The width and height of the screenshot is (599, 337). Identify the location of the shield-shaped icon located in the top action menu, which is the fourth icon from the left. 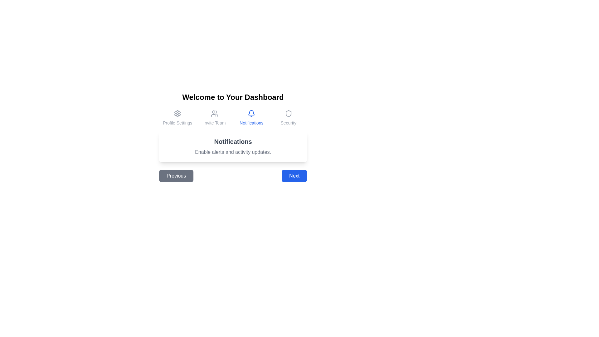
(288, 113).